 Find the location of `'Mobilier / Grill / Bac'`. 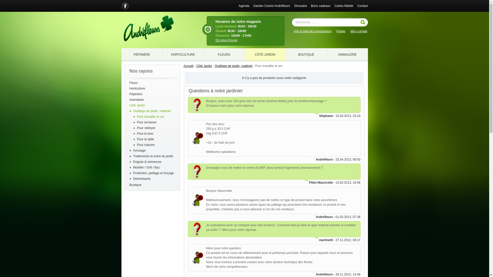

'Mobilier / Grill / Bac' is located at coordinates (146, 167).